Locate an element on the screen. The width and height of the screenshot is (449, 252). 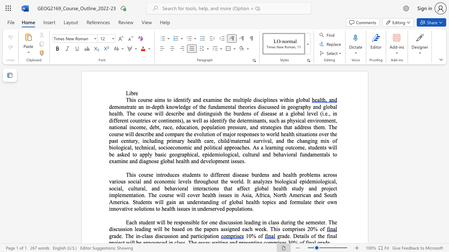
the 22th character "r" in the text is located at coordinates (323, 202).